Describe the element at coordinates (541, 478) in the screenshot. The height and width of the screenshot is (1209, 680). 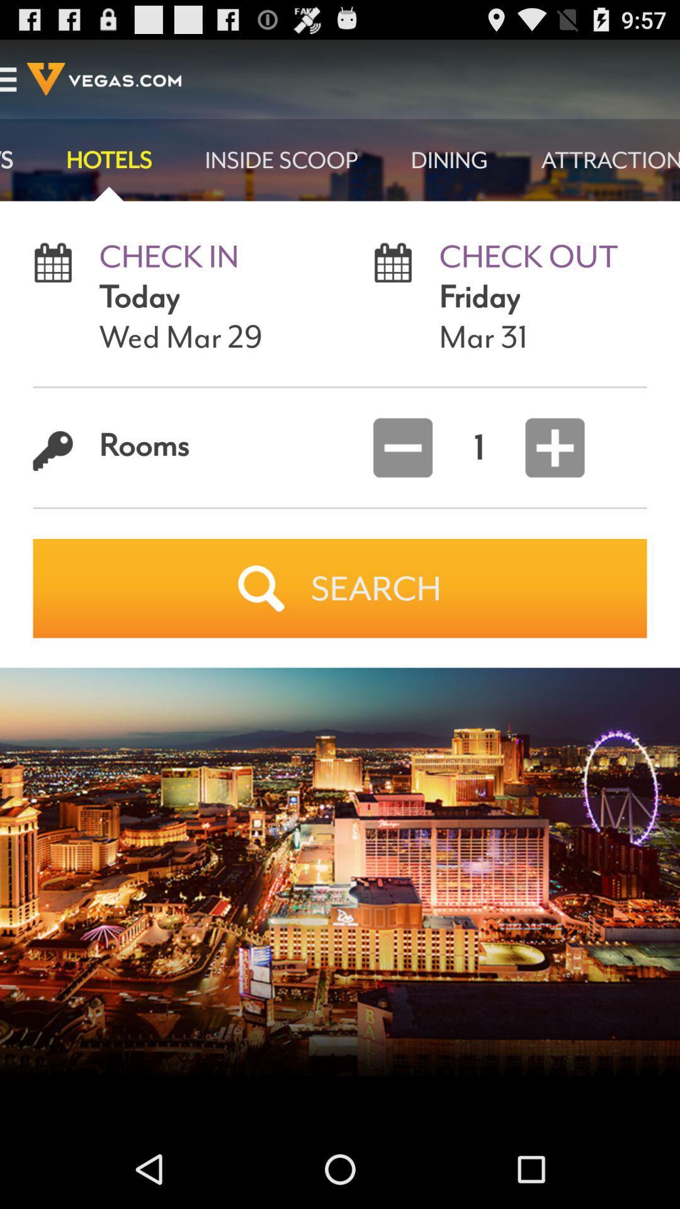
I see `the add icon` at that location.